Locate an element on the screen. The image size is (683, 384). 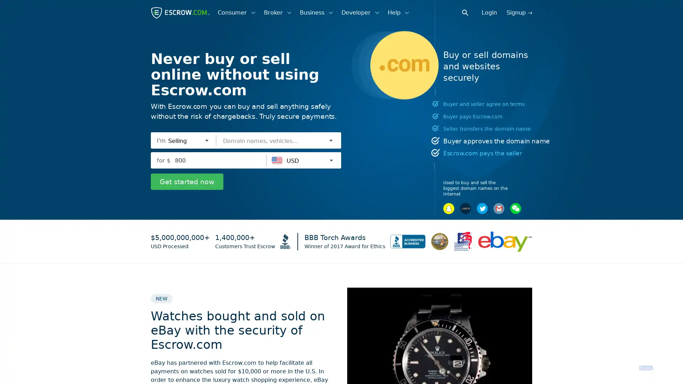
Get started now is located at coordinates (187, 181).